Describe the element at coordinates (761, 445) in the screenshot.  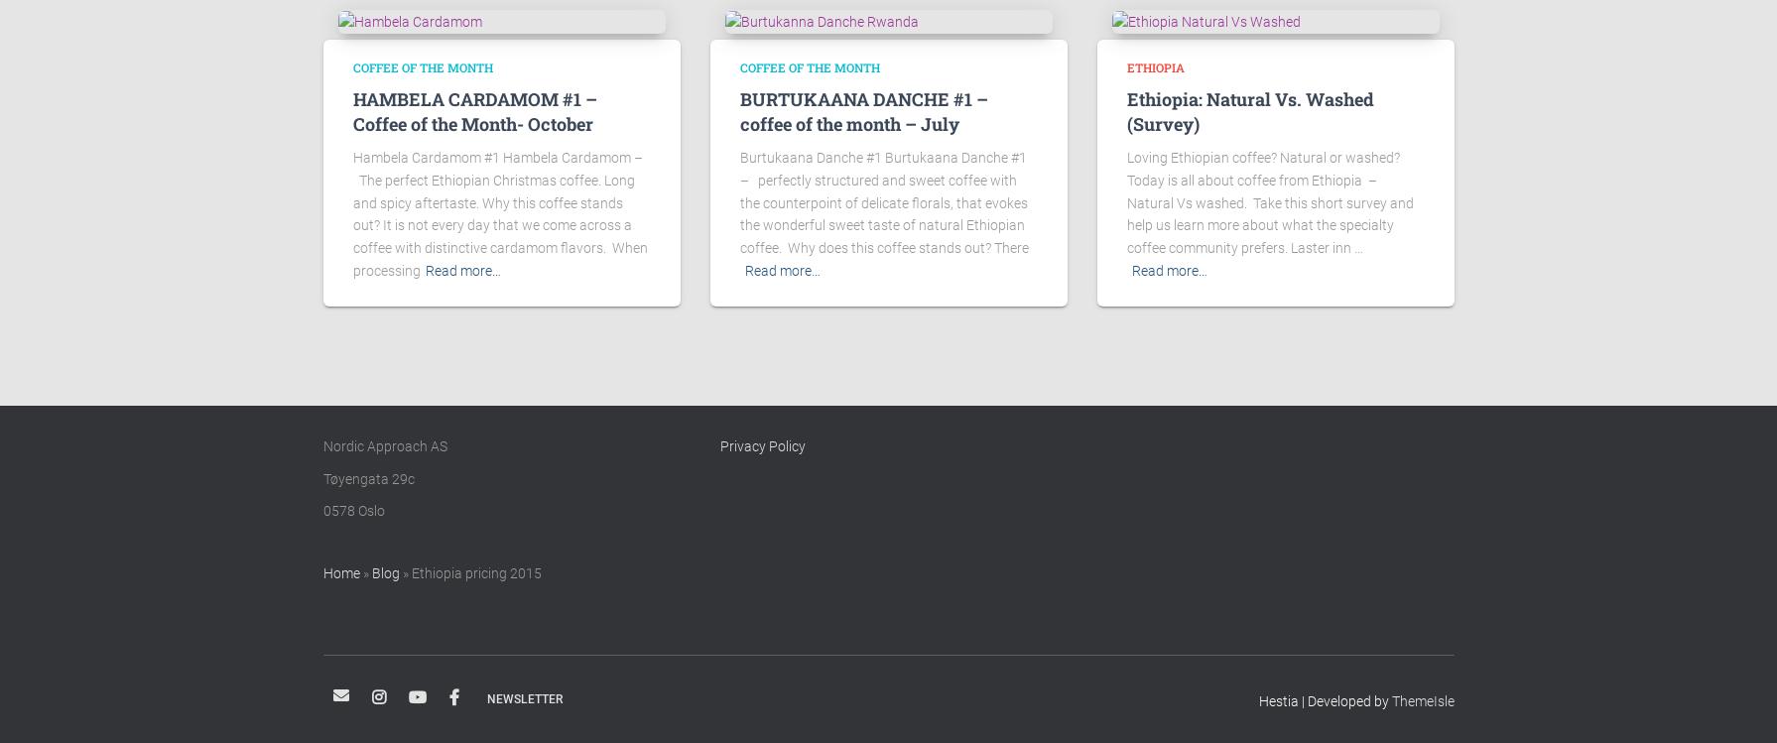
I see `'Privacy Policy'` at that location.